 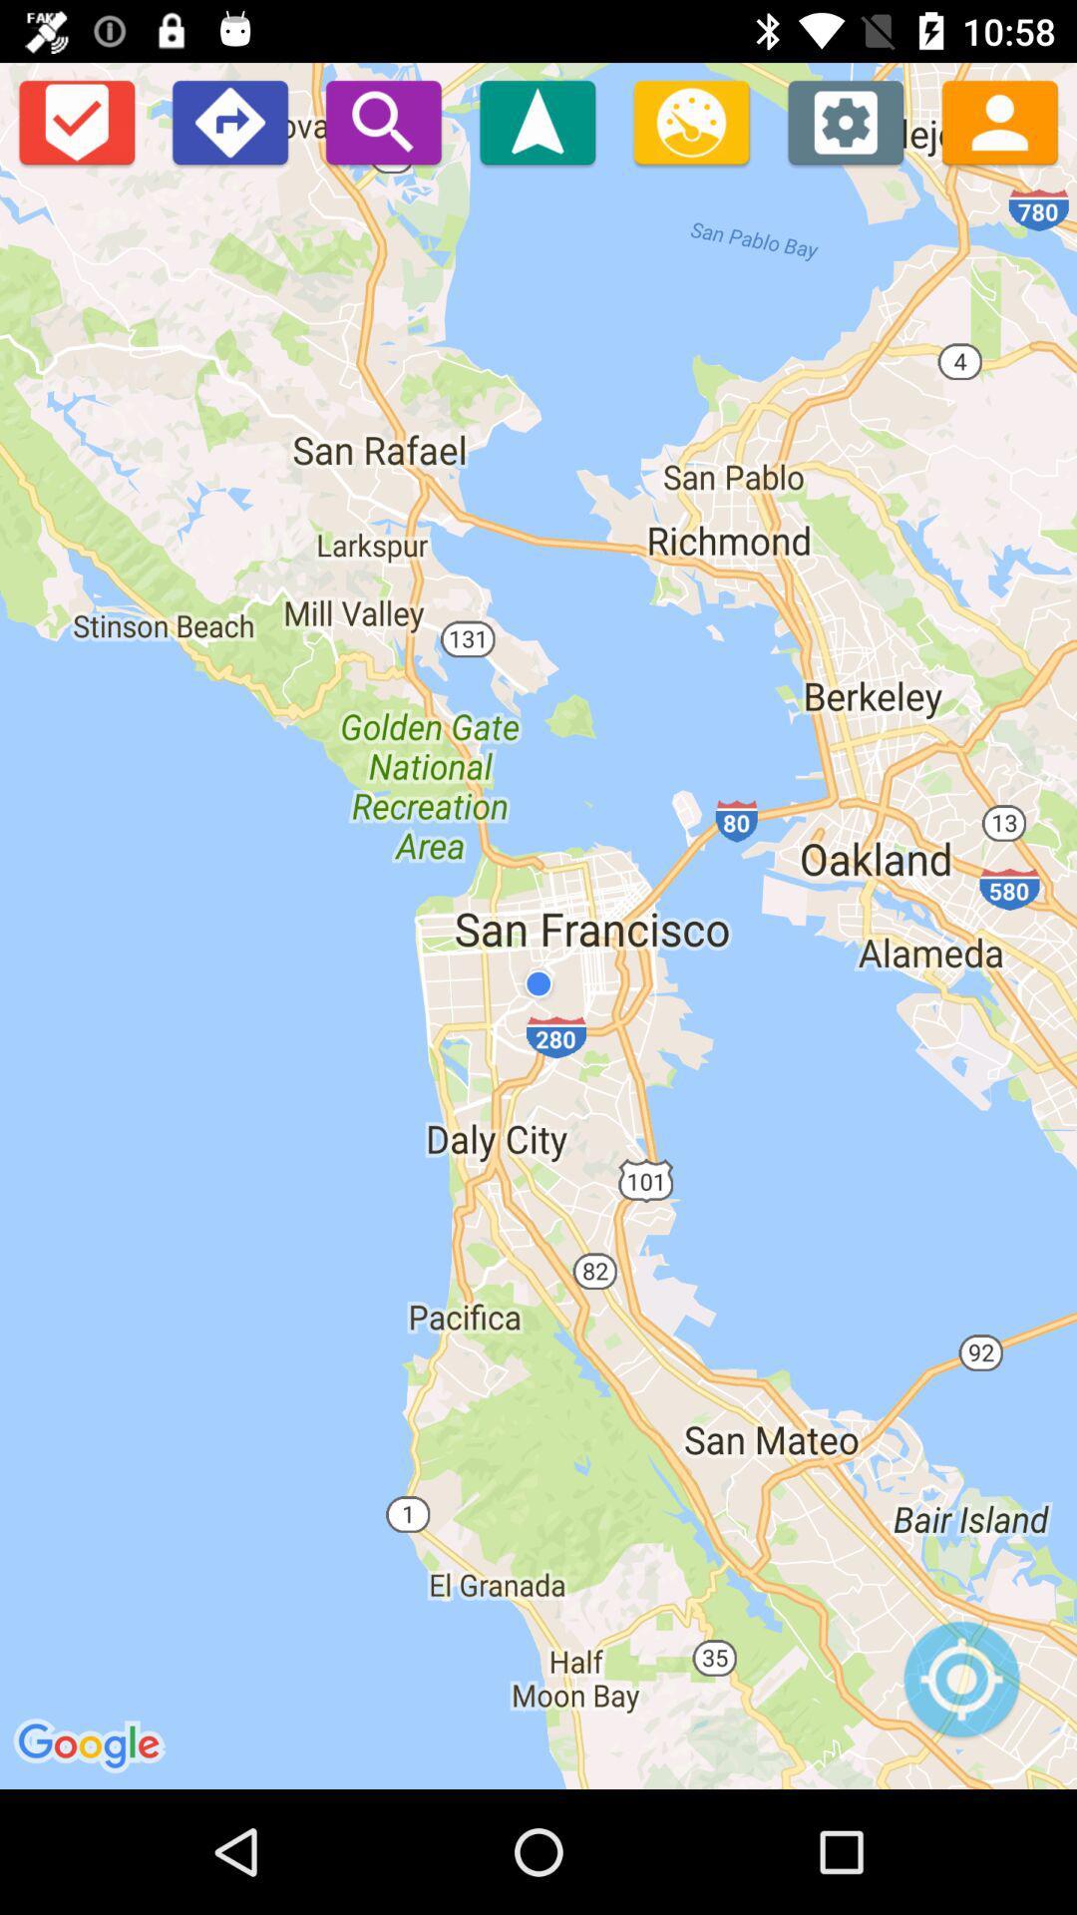 I want to click on the check icon, so click(x=75, y=121).